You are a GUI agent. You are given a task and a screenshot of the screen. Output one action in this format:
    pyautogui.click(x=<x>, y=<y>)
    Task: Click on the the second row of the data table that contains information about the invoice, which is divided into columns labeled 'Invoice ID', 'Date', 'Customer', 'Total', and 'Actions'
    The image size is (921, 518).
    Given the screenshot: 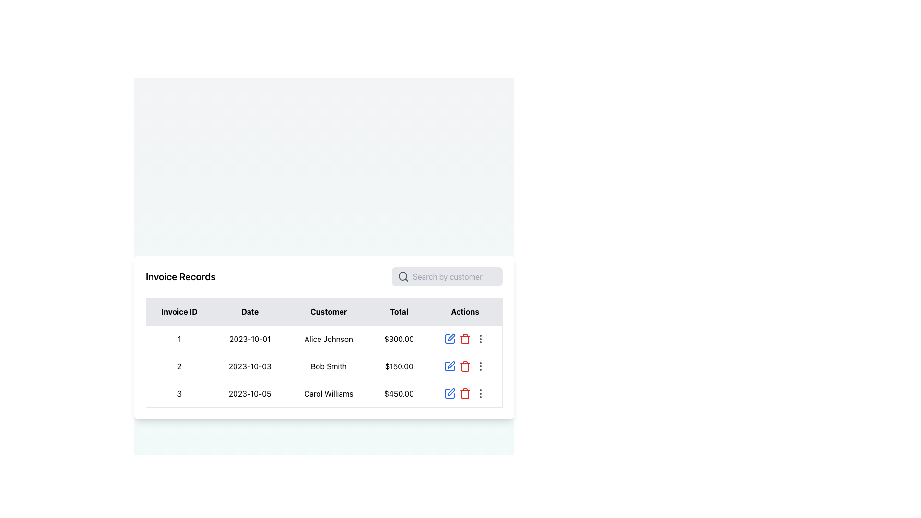 What is the action you would take?
    pyautogui.click(x=324, y=366)
    